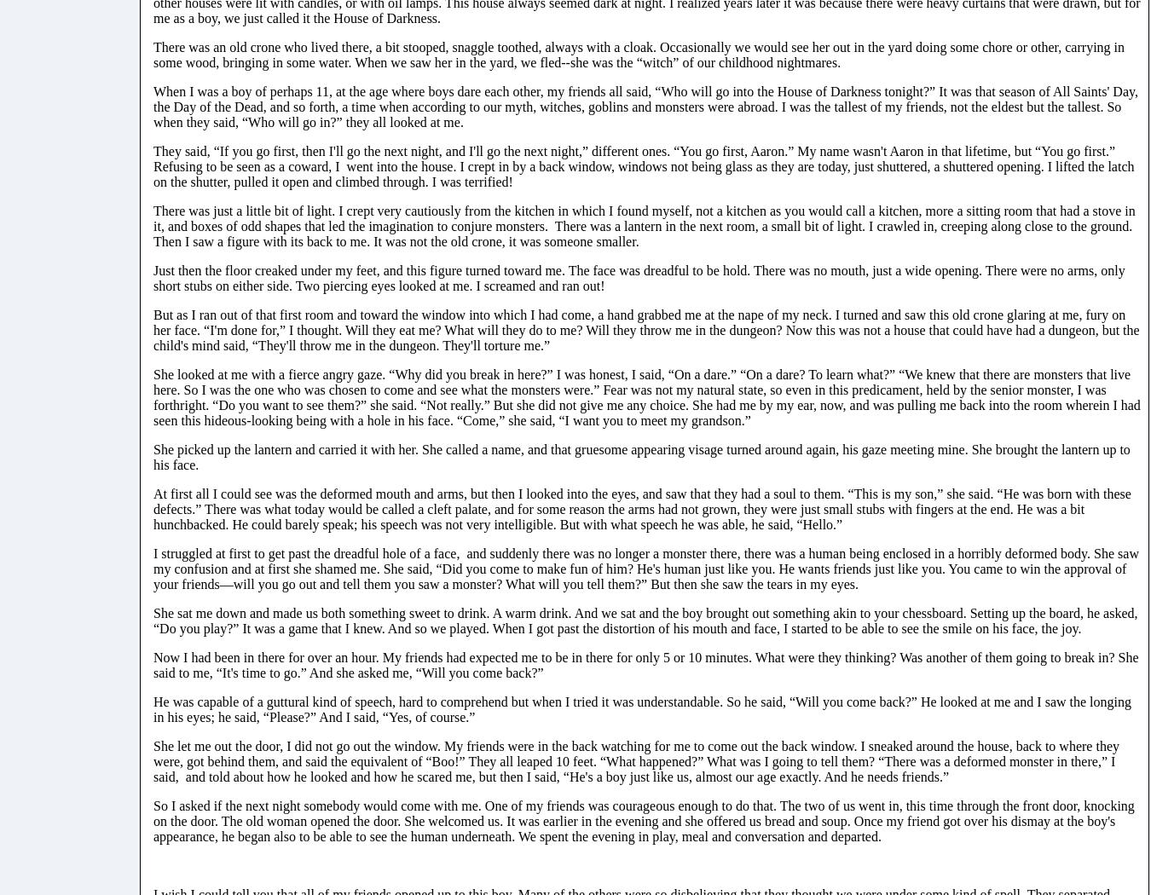 Image resolution: width=1151 pixels, height=895 pixels. What do you see at coordinates (643, 224) in the screenshot?
I see `'There was just a little bit of light. I crept very cautiously from the kitchen in which I found myself, not a kitchen as you would call a kitchen, more a sitting room that had a stove in it, and boxes of odd shapes that led the imagination to conjure monsters.  There was a lantern in the next room, a small bit of light. I crawled in, creeping along close to the ground. Then I saw a figure with its back to me. It was not the old crone, it was someone smaller.'` at bounding box center [643, 224].